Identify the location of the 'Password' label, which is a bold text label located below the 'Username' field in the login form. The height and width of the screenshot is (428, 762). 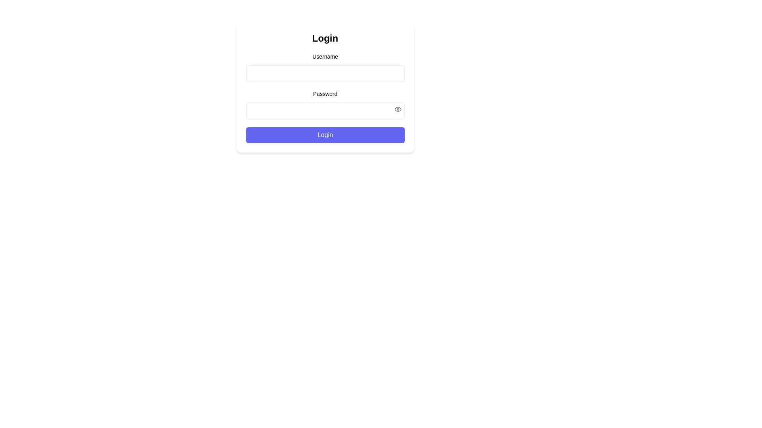
(325, 93).